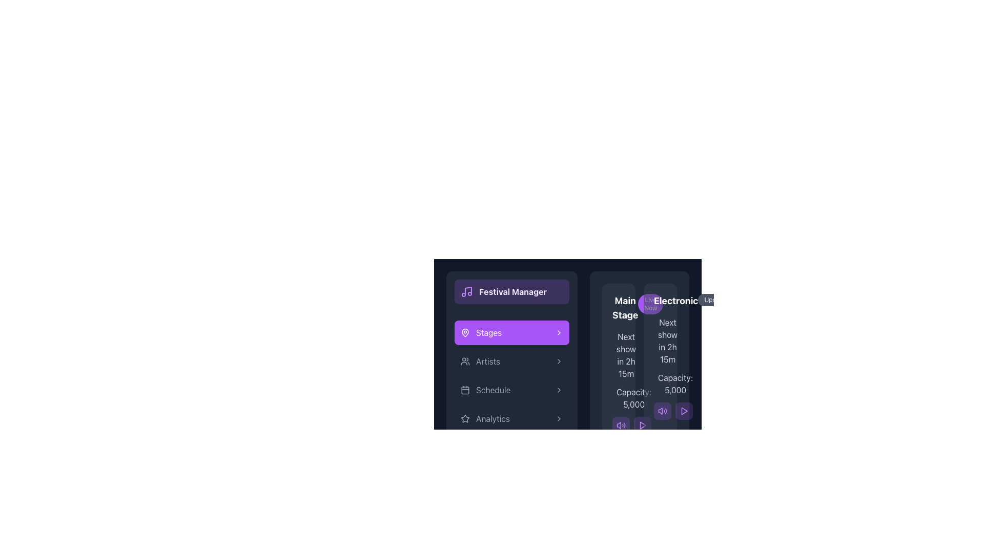 This screenshot has width=984, height=553. What do you see at coordinates (567, 337) in the screenshot?
I see `the 'Stages' button located in the vertical menu list of the festival manager application` at bounding box center [567, 337].